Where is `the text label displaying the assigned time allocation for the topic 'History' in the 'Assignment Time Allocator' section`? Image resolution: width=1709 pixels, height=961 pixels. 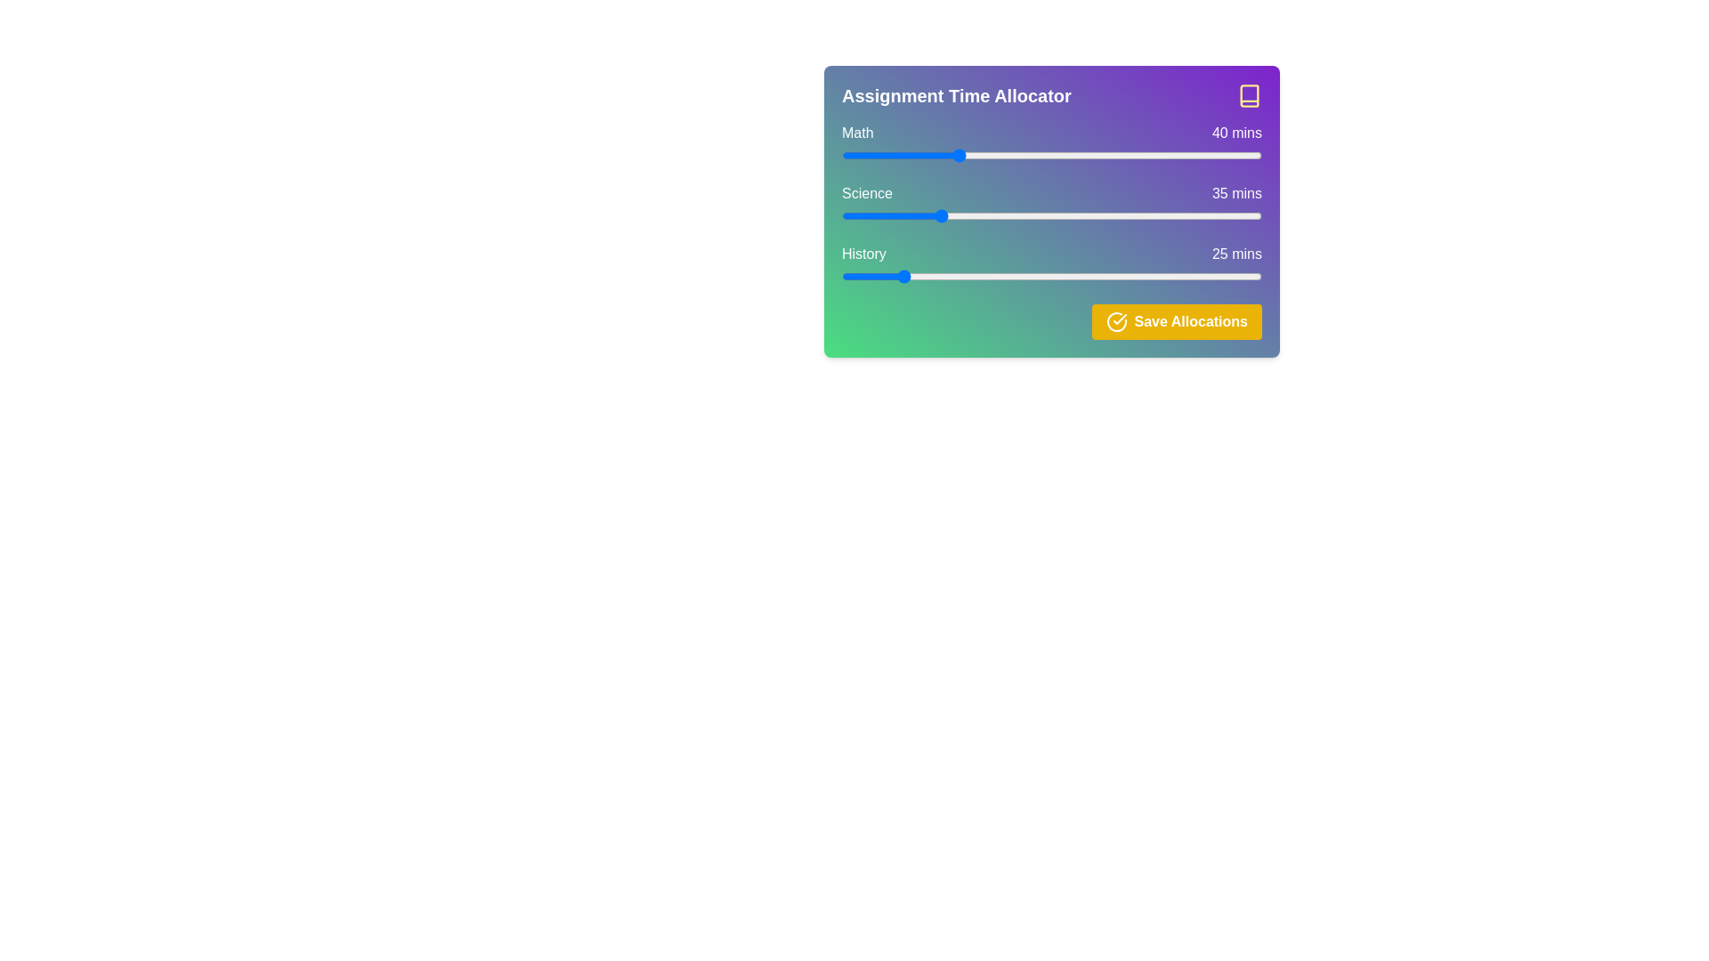 the text label displaying the assigned time allocation for the topic 'History' in the 'Assignment Time Allocator' section is located at coordinates (1235, 254).